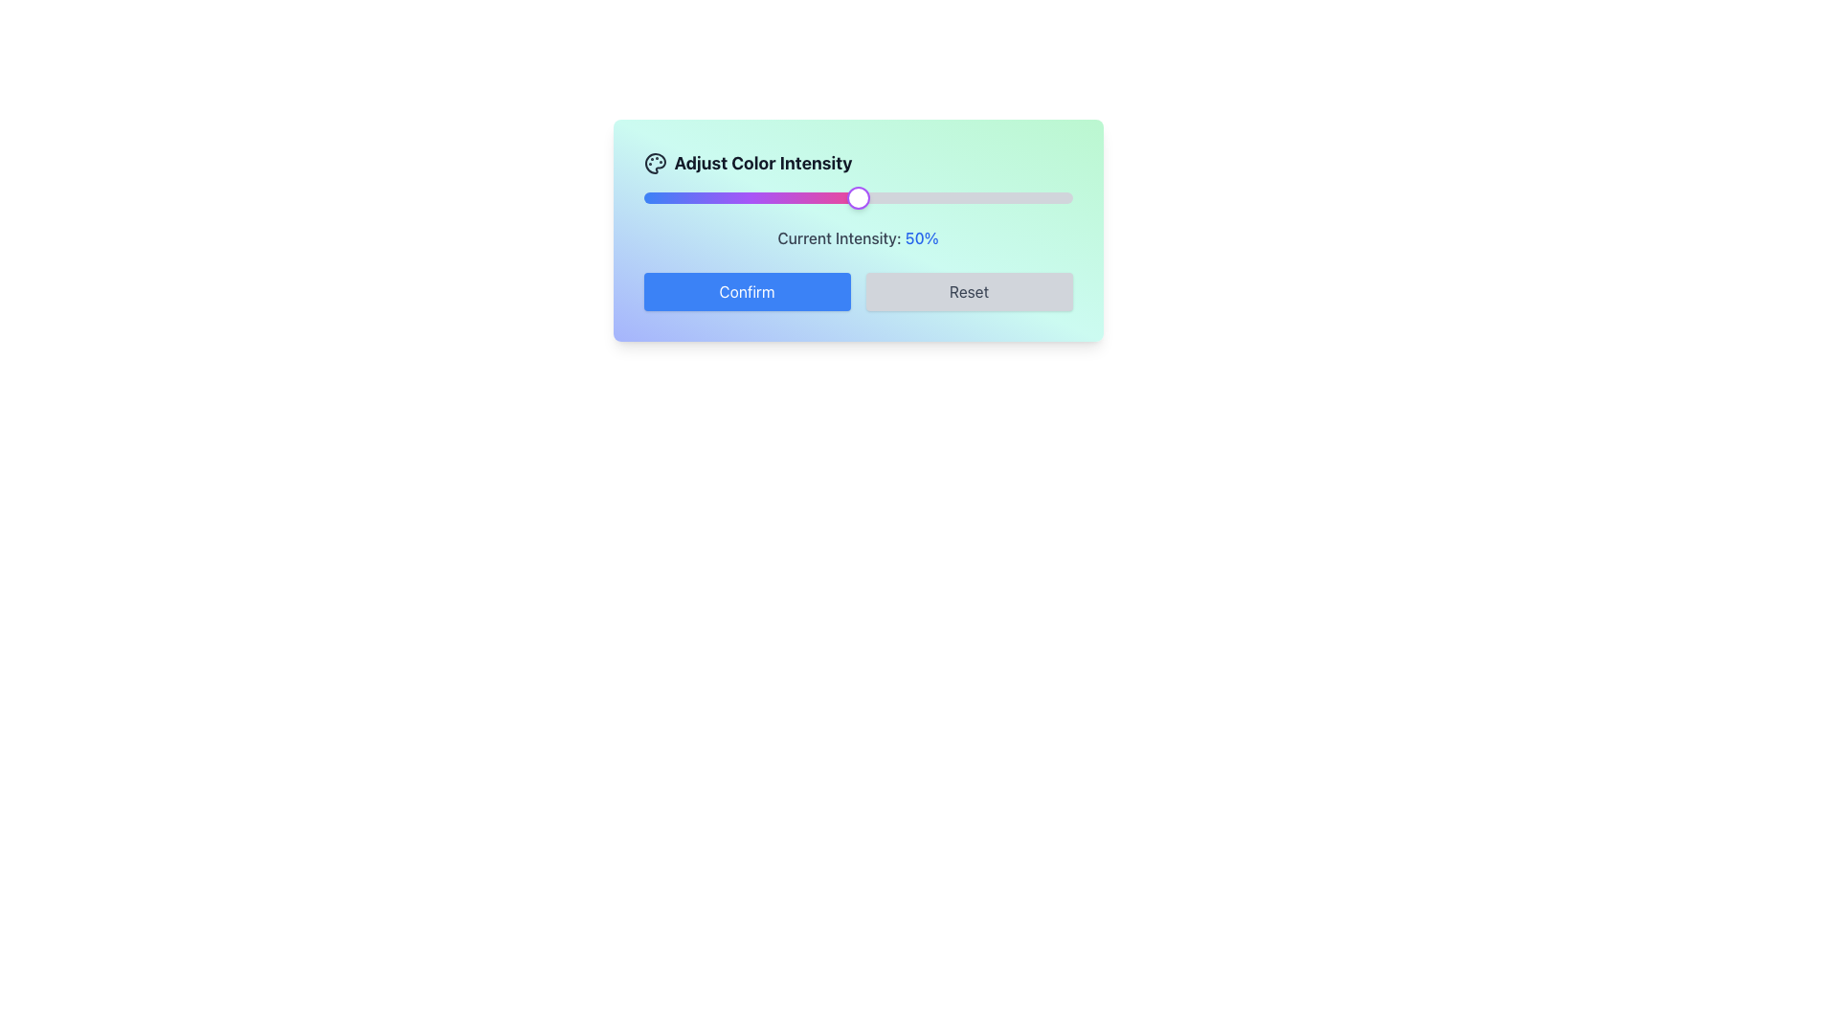  Describe the element at coordinates (655, 162) in the screenshot. I see `the painter's palette graphic/icon located on the left side of the modal header next to the text 'Adjust Color Intensity'` at that location.